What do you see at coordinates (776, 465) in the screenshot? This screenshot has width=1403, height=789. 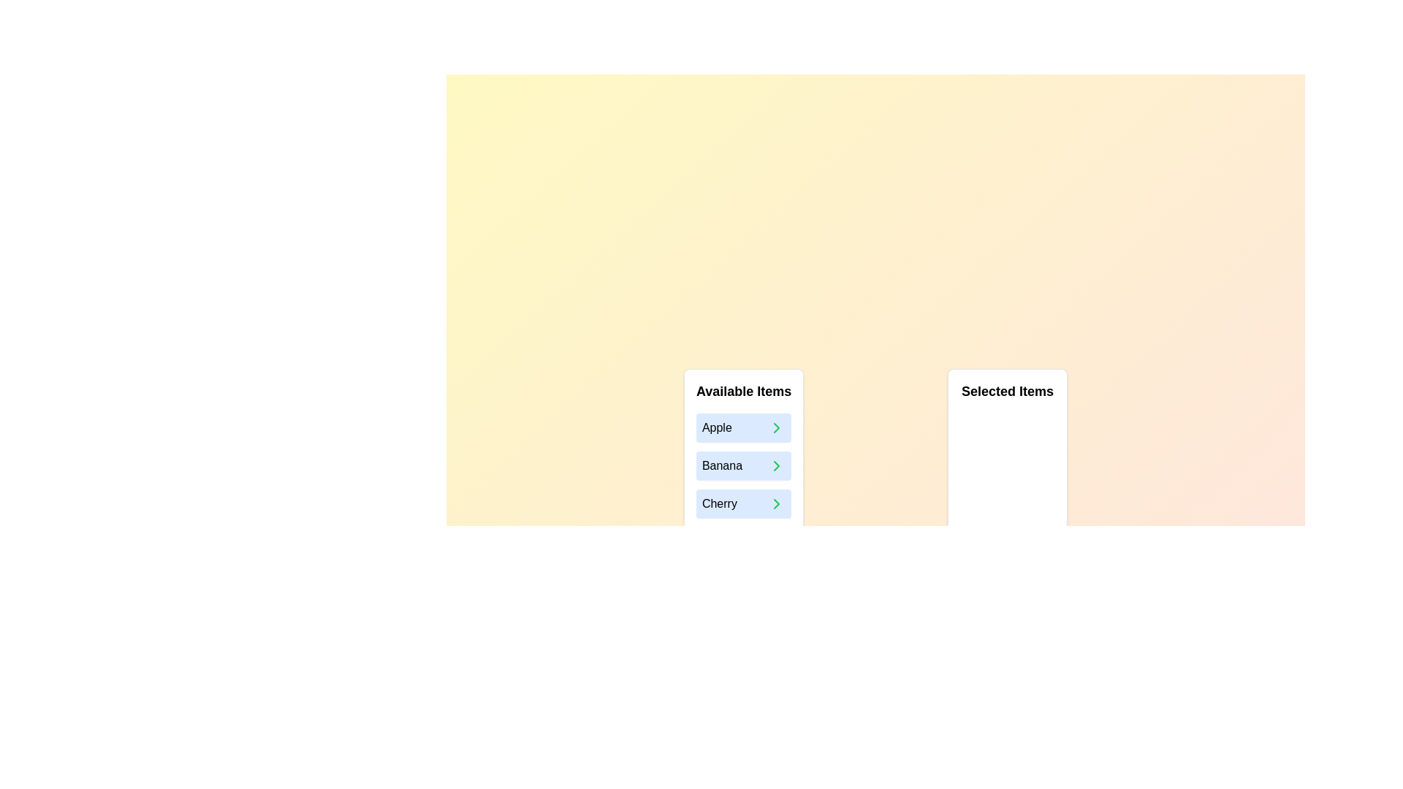 I see `right arrow button next to the item Banana in the 'Available Items' list to move it to the 'Selected Items' list` at bounding box center [776, 465].